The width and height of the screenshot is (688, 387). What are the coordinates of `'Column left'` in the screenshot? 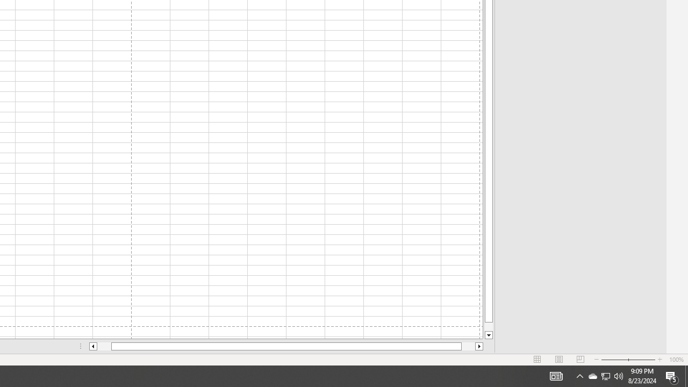 It's located at (92, 346).